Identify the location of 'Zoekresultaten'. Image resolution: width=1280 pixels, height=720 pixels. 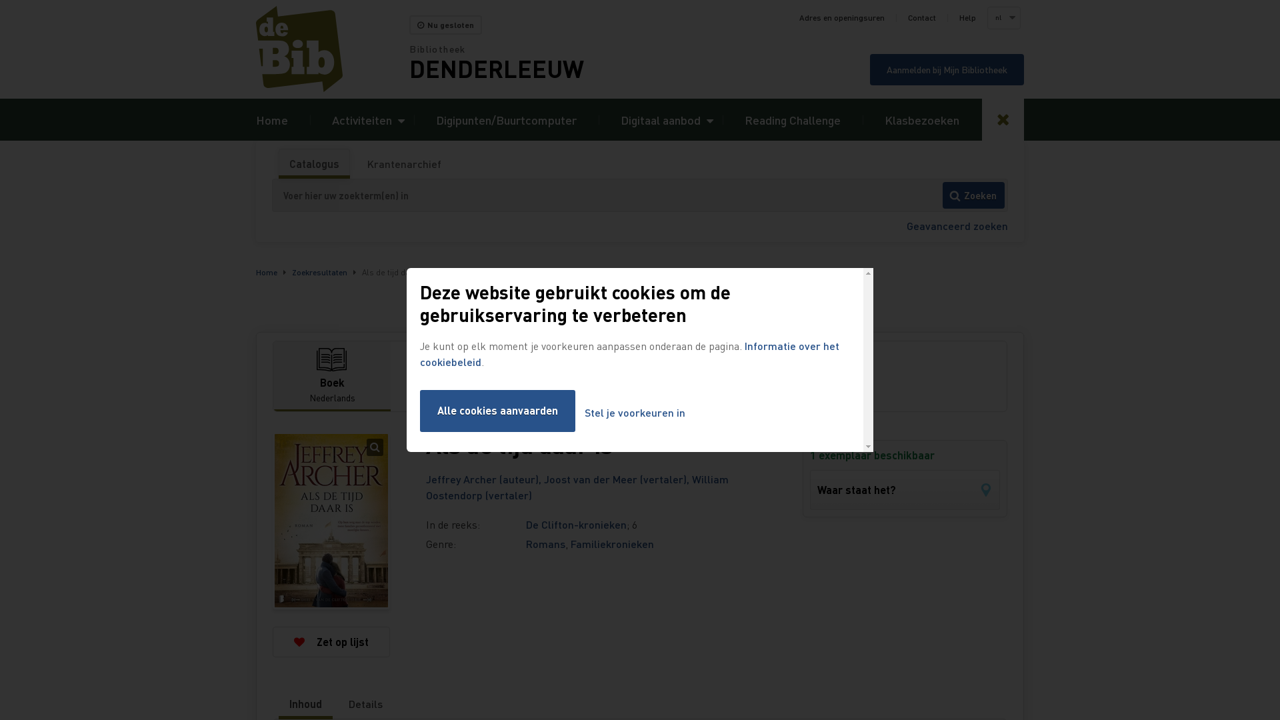
(319, 271).